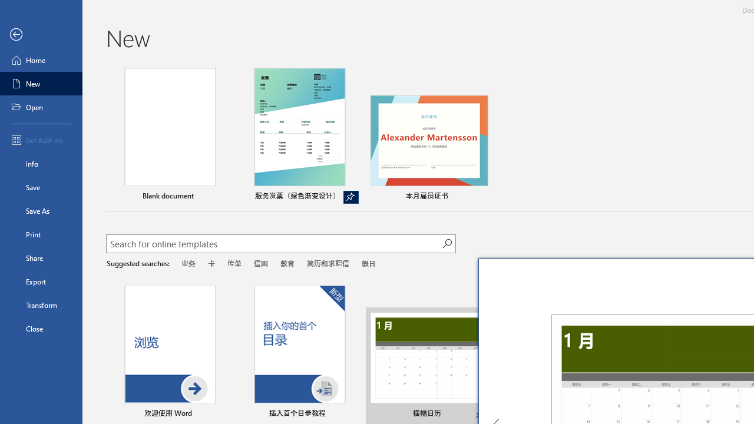 The height and width of the screenshot is (424, 754). I want to click on 'Unpin from list', so click(350, 197).